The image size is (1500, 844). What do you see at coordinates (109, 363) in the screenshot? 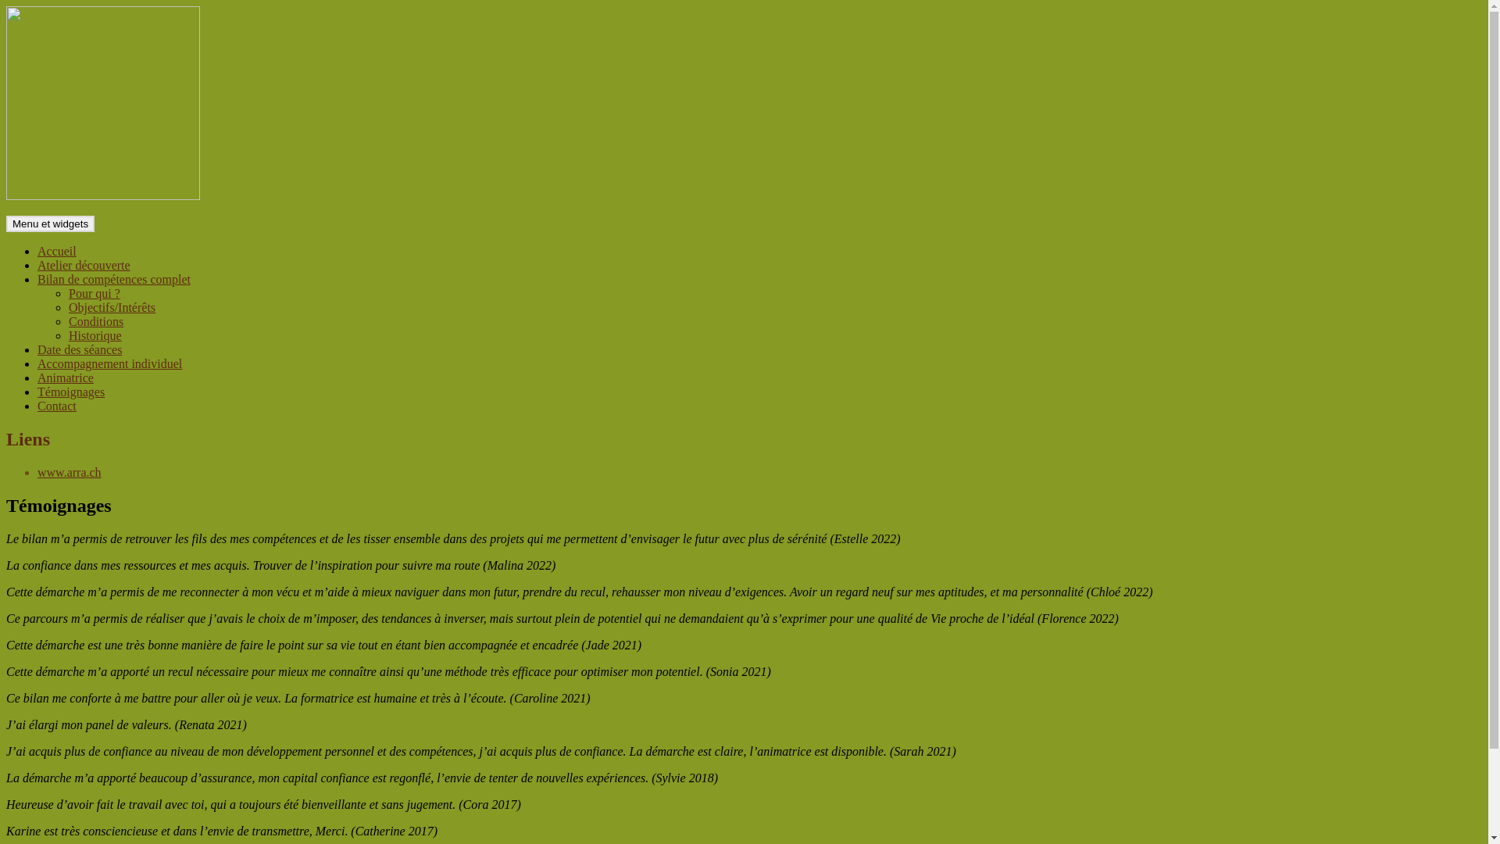
I see `'Accompagnement individuel'` at bounding box center [109, 363].